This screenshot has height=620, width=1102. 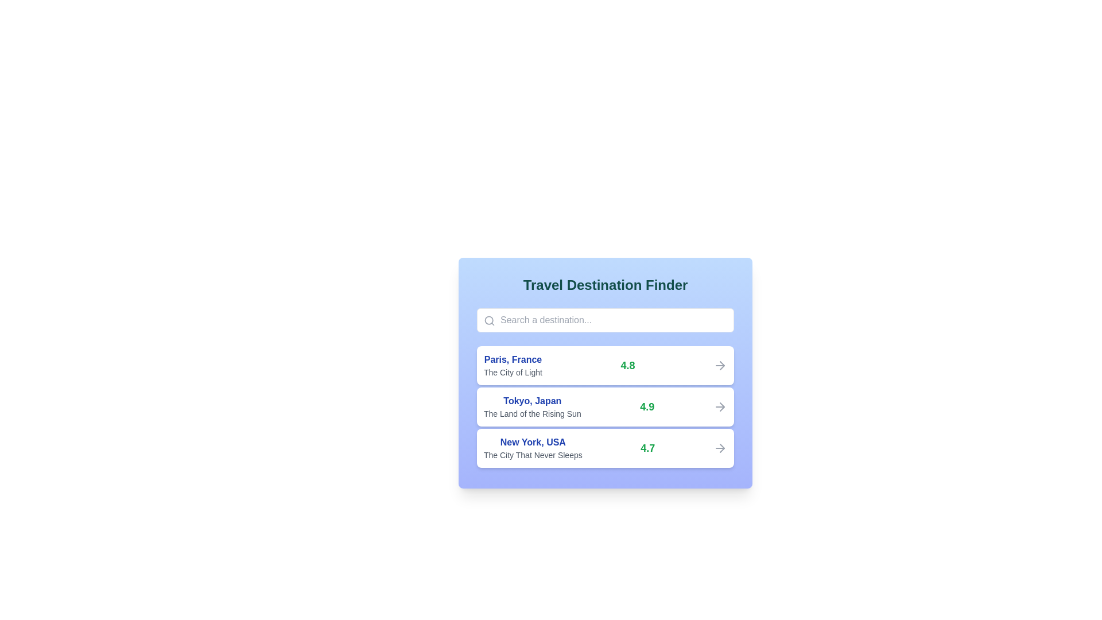 I want to click on the text label displaying '4.9' in bold green font, which is part of a rating system and located at the far-right of the associated text block, so click(x=647, y=406).